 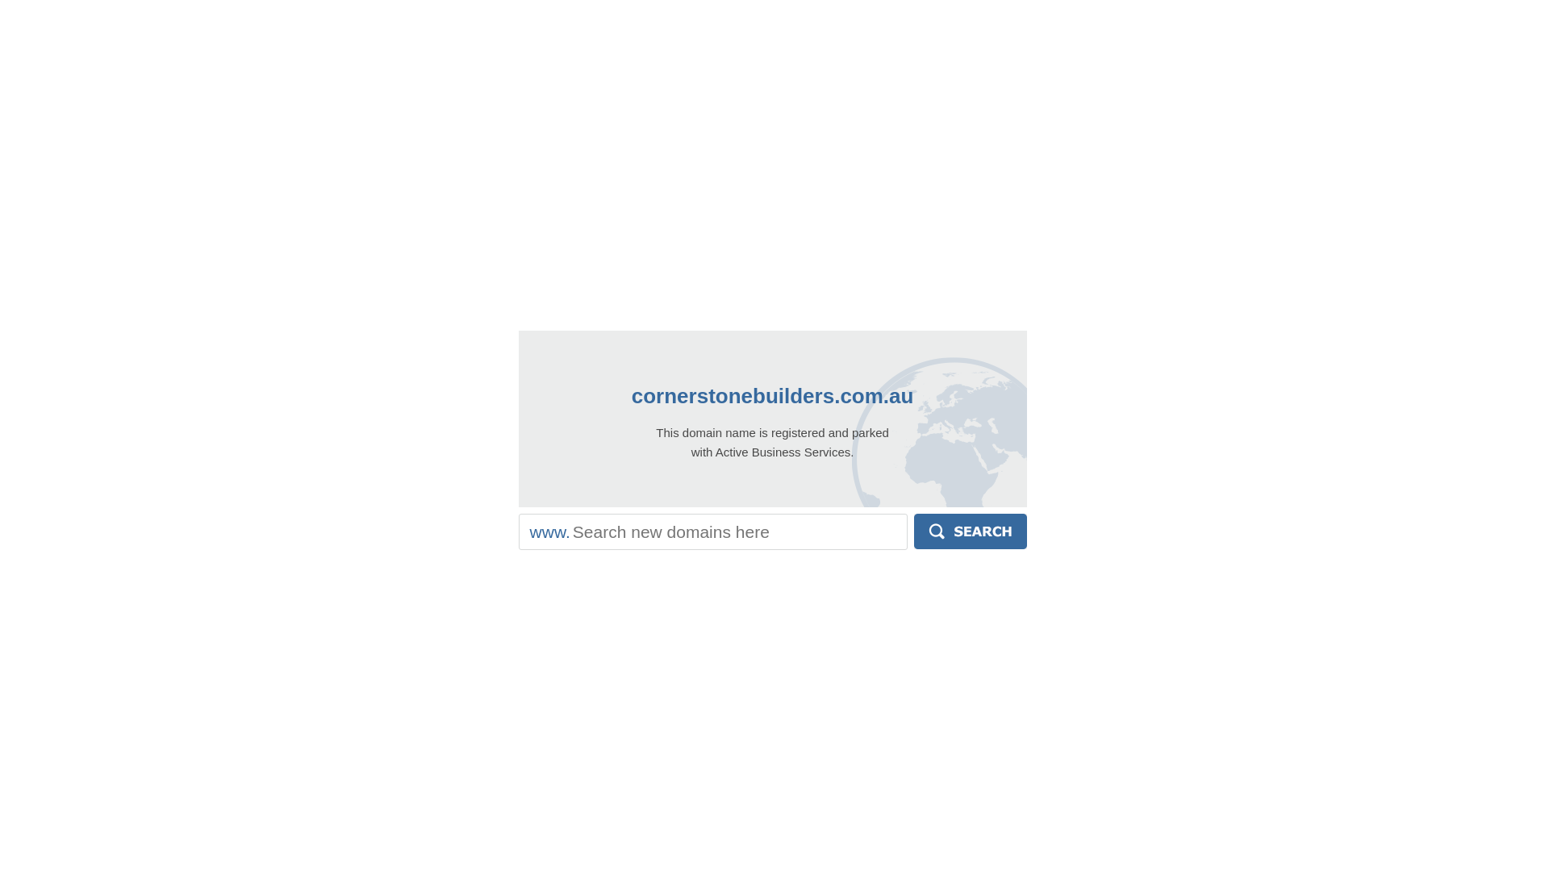 What do you see at coordinates (970, 531) in the screenshot?
I see `'Search'` at bounding box center [970, 531].